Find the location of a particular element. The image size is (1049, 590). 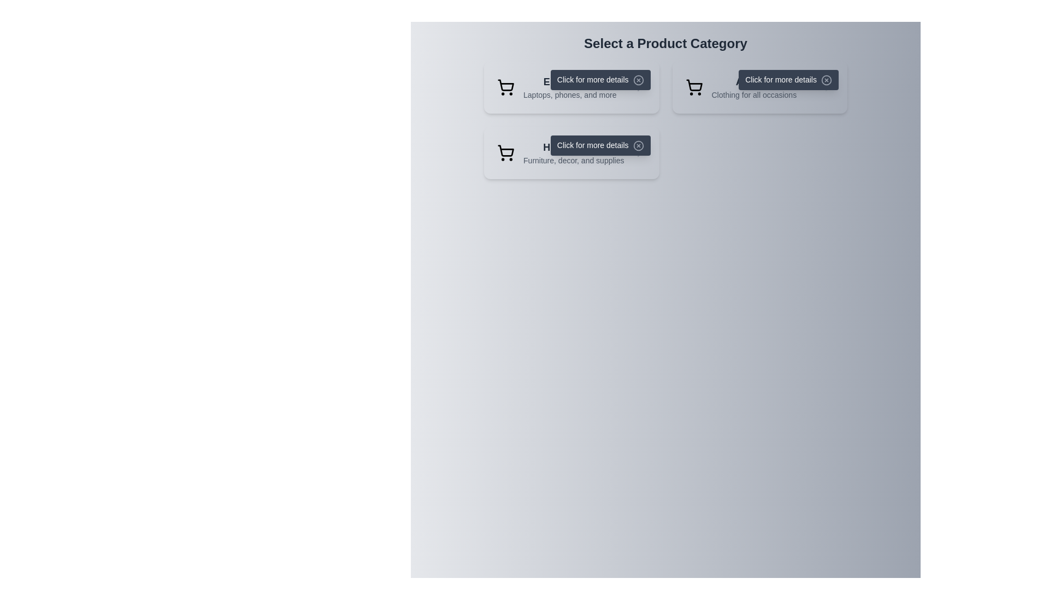

the 'Home Goods' product category card to view its information, which is displayed in a tooltip when hovered over is located at coordinates (571, 153).